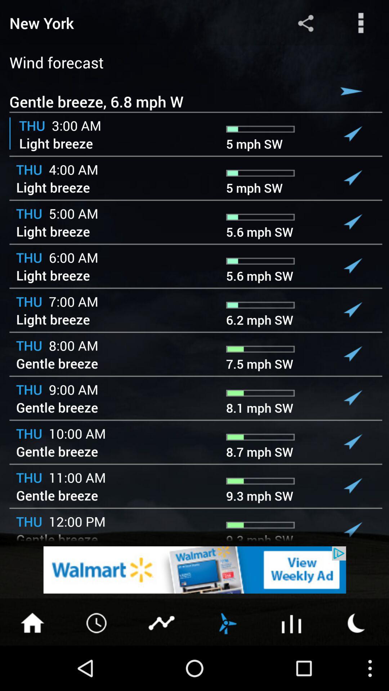 This screenshot has width=389, height=691. I want to click on the more icon, so click(361, 24).